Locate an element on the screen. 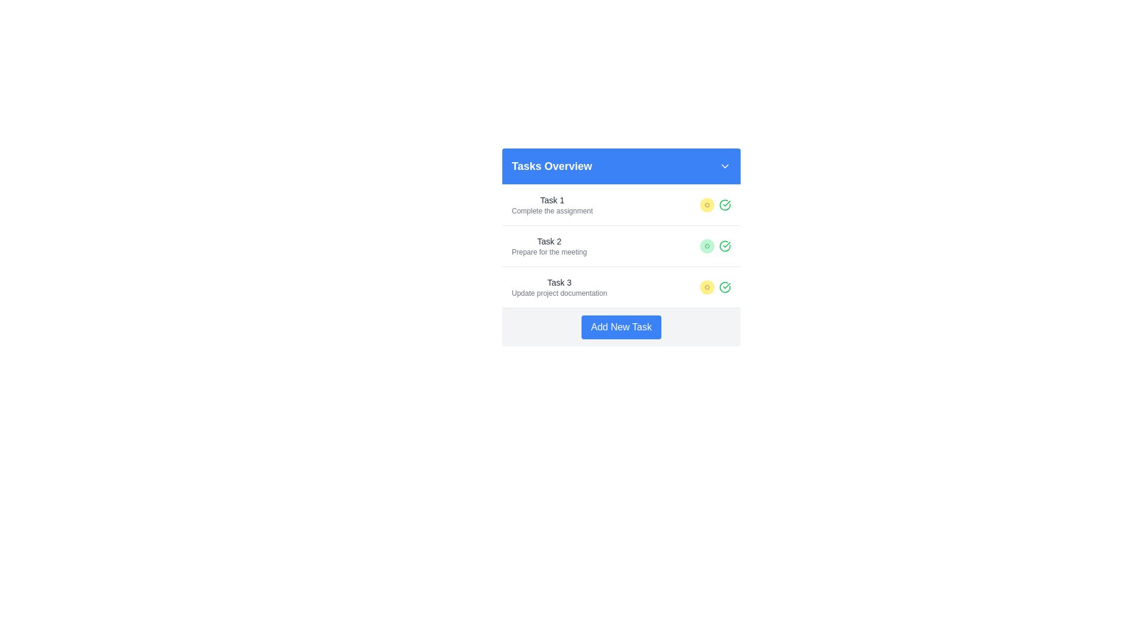 This screenshot has height=644, width=1144. the first task entry in the task list under 'Tasks Overview' is located at coordinates (620, 205).